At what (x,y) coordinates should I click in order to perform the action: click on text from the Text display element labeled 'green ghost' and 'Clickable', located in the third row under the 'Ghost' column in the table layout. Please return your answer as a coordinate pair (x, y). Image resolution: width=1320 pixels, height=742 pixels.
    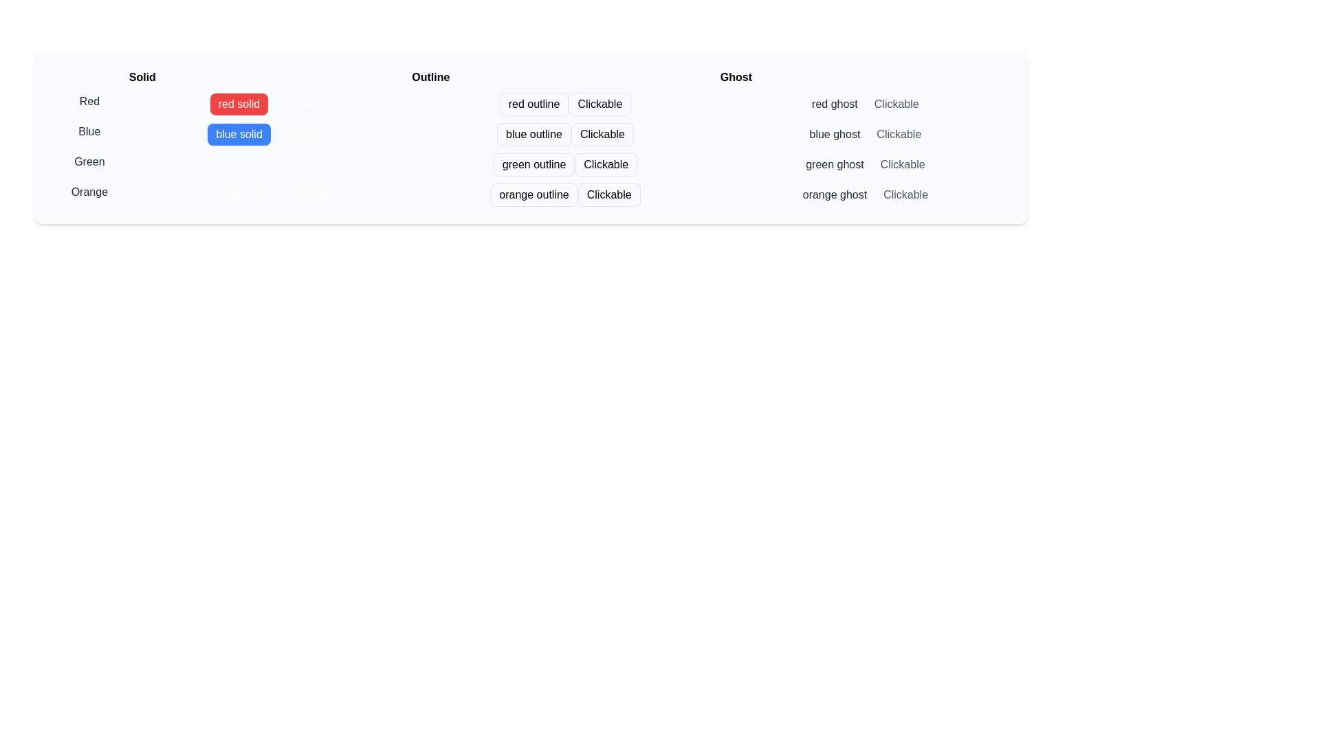
    Looking at the image, I should click on (864, 161).